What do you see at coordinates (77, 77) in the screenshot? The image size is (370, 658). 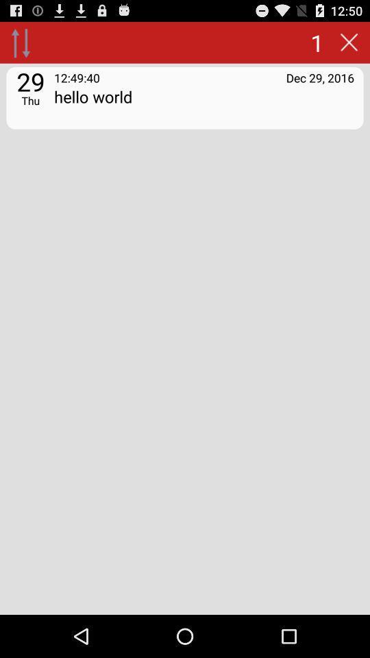 I see `the app to the left of the dec 29, 2016 app` at bounding box center [77, 77].